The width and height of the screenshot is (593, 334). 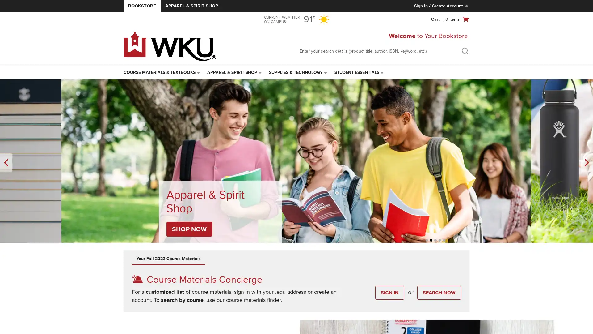 What do you see at coordinates (389, 292) in the screenshot?
I see `SIGN IN` at bounding box center [389, 292].